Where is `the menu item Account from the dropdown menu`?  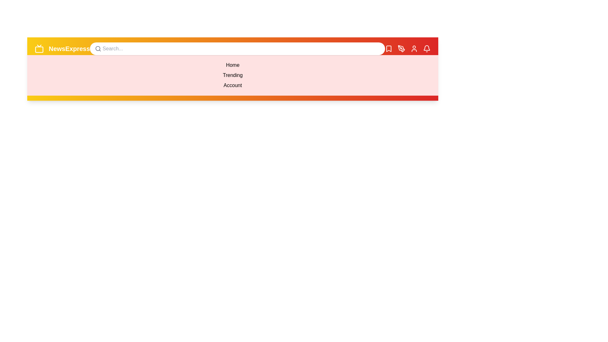 the menu item Account from the dropdown menu is located at coordinates (232, 85).